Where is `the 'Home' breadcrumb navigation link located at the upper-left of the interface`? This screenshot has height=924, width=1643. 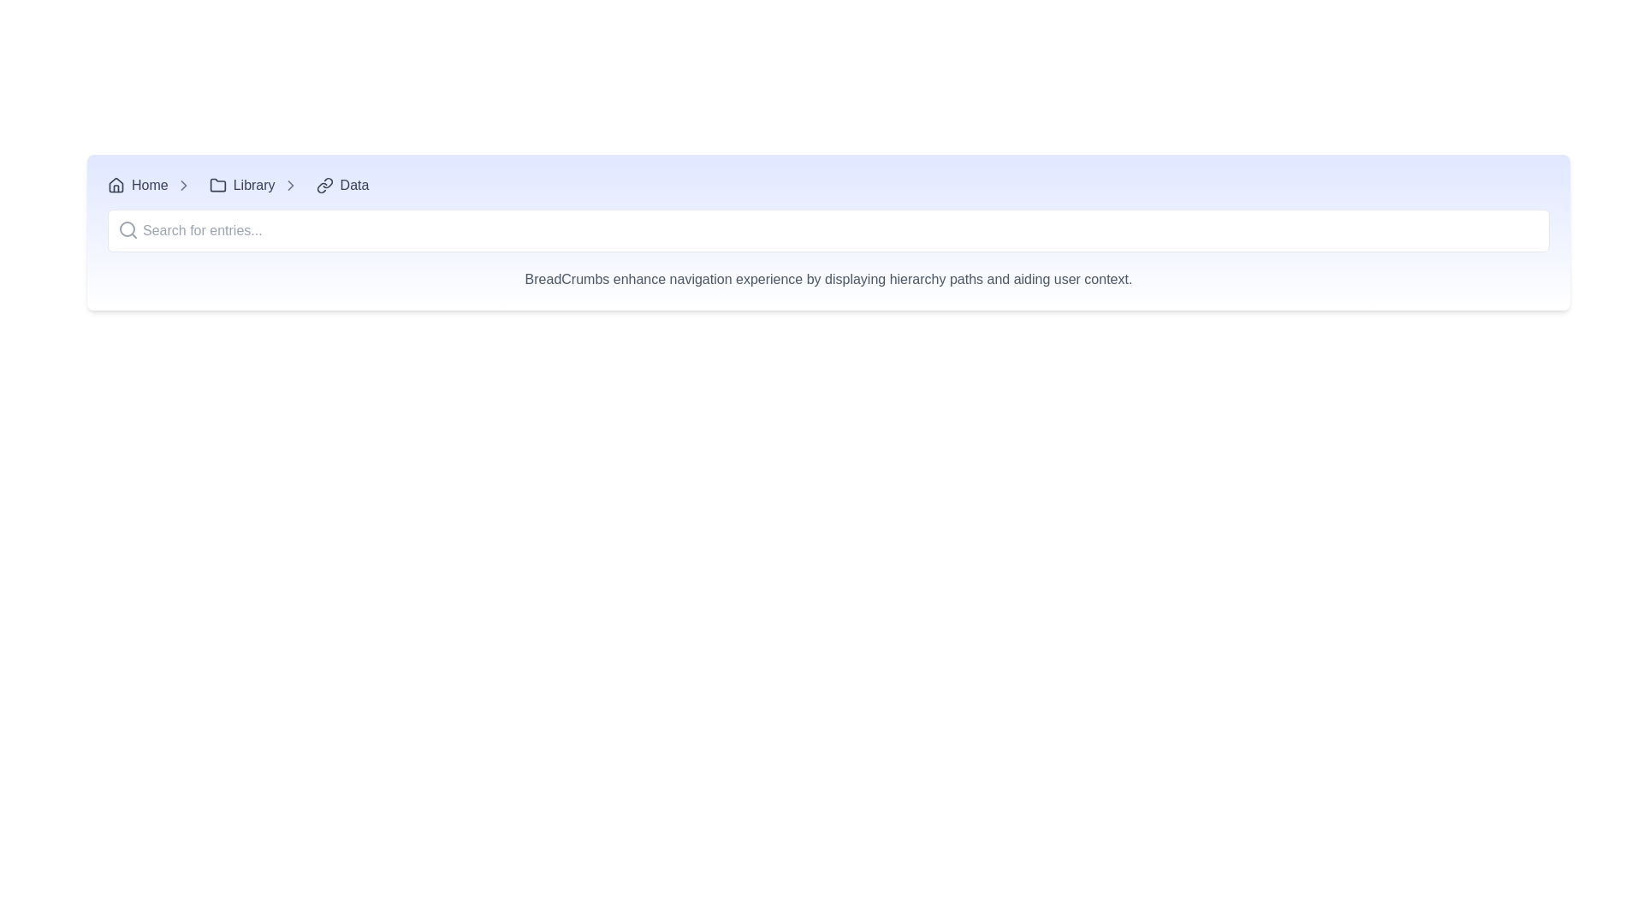 the 'Home' breadcrumb navigation link located at the upper-left of the interface is located at coordinates (153, 185).